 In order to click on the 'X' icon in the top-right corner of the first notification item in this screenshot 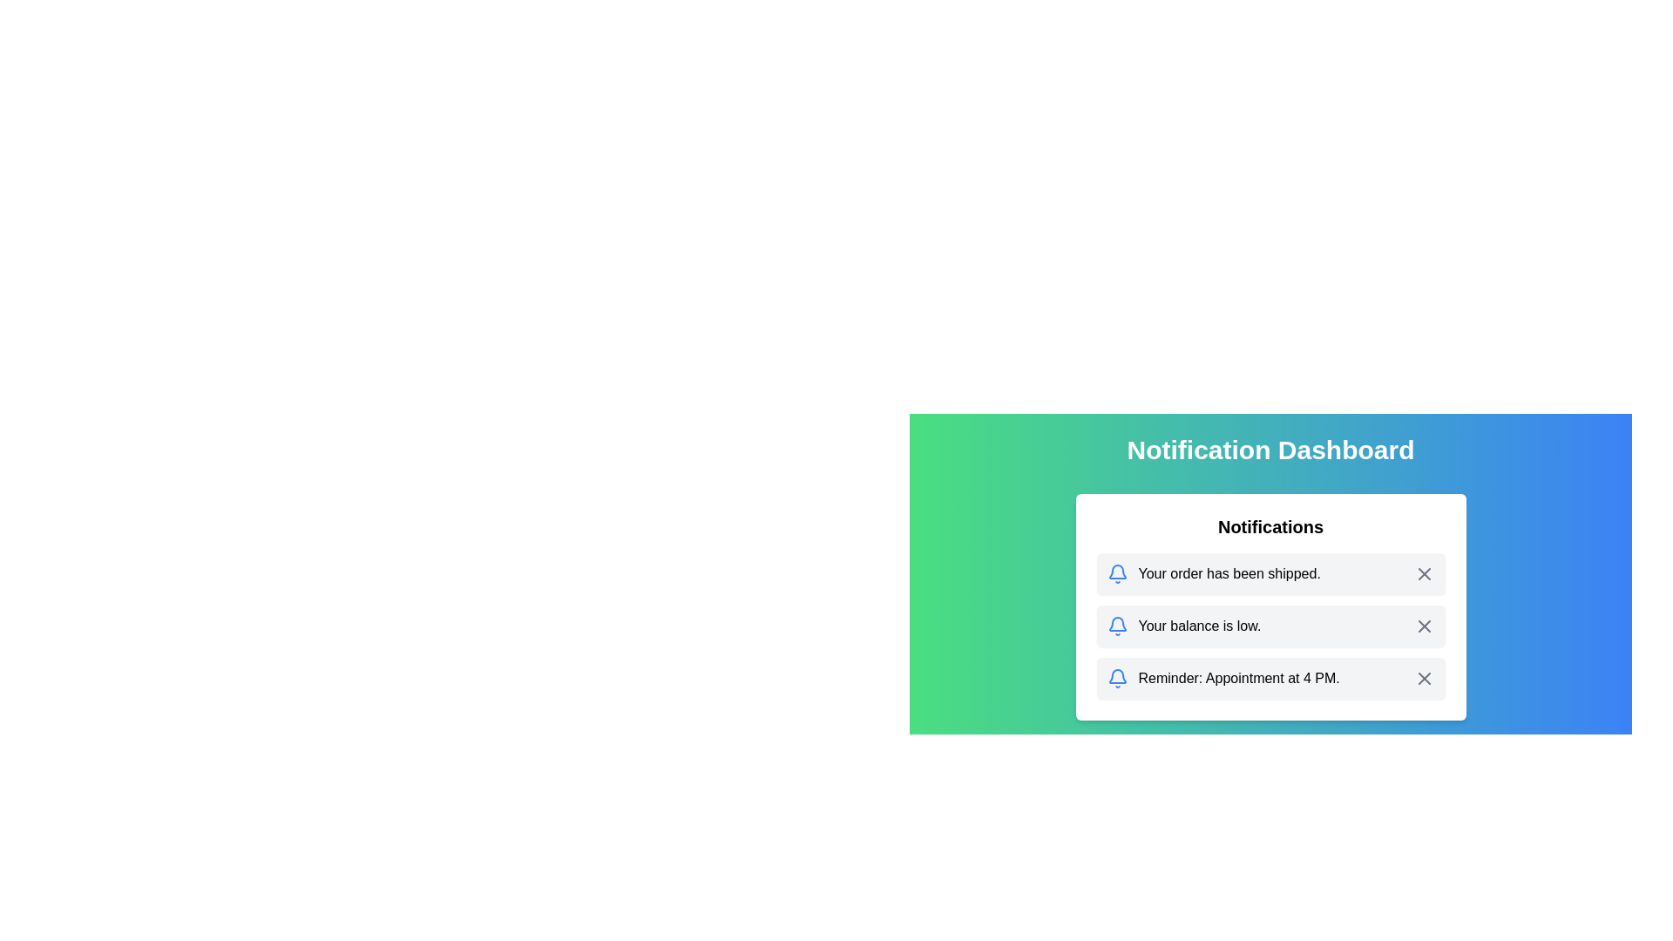, I will do `click(1424, 574)`.